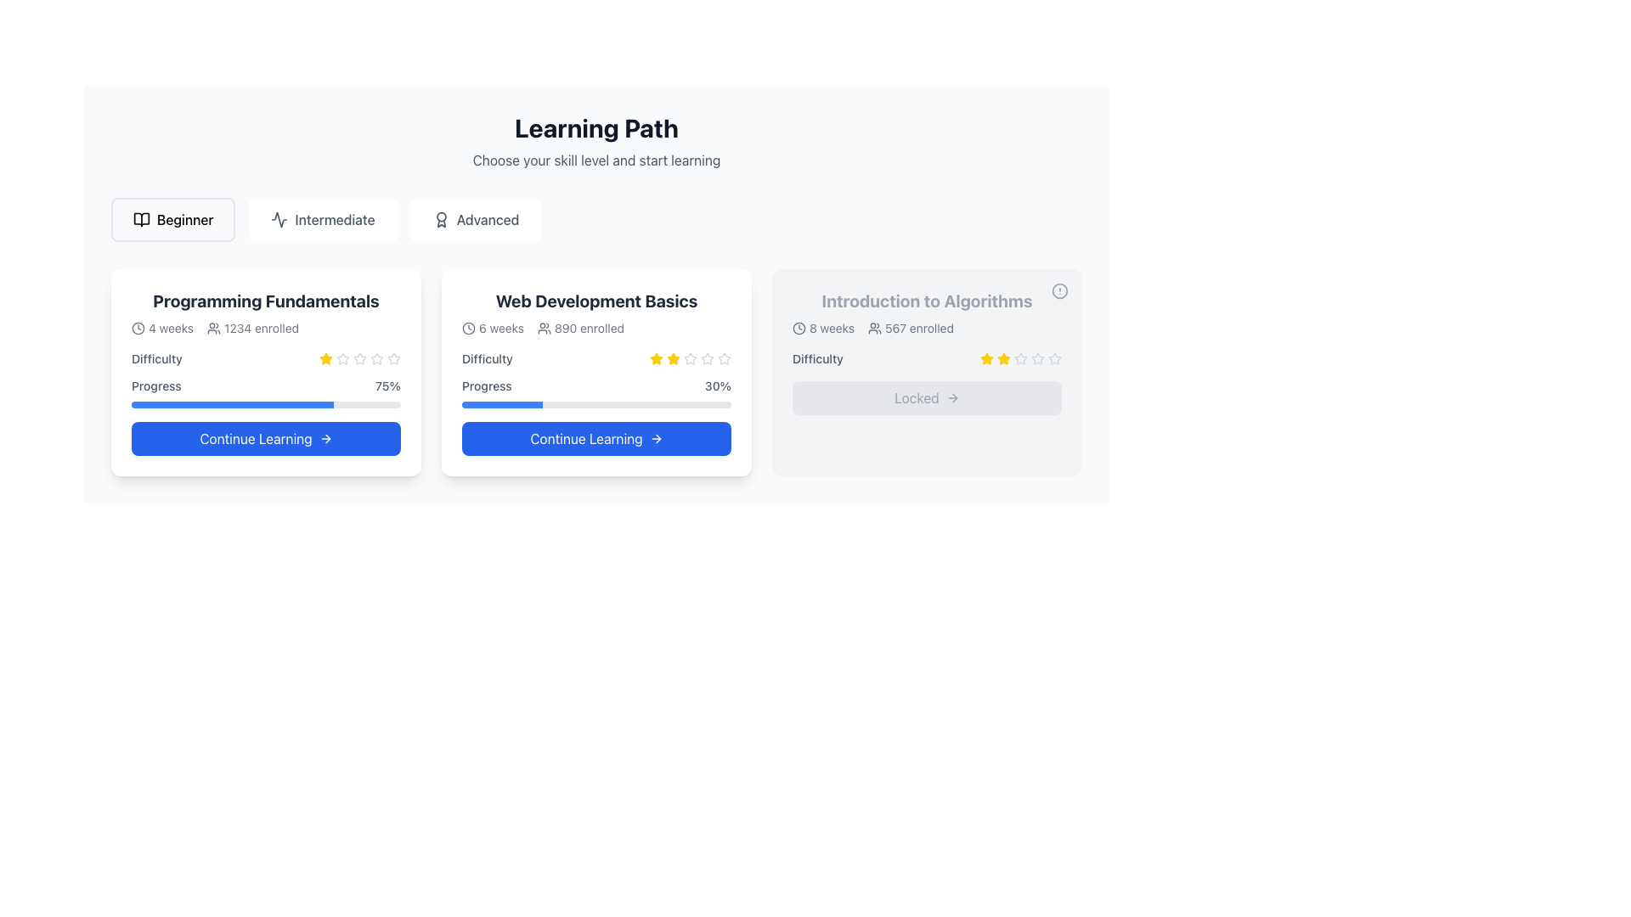  I want to click on the second hollow star in the rating system on the 'Web Development Basics' card, so click(725, 357).